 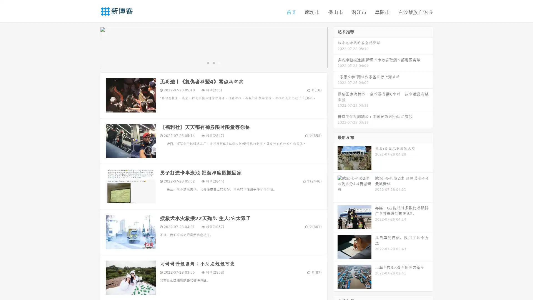 What do you see at coordinates (219, 62) in the screenshot?
I see `Go to slide 3` at bounding box center [219, 62].